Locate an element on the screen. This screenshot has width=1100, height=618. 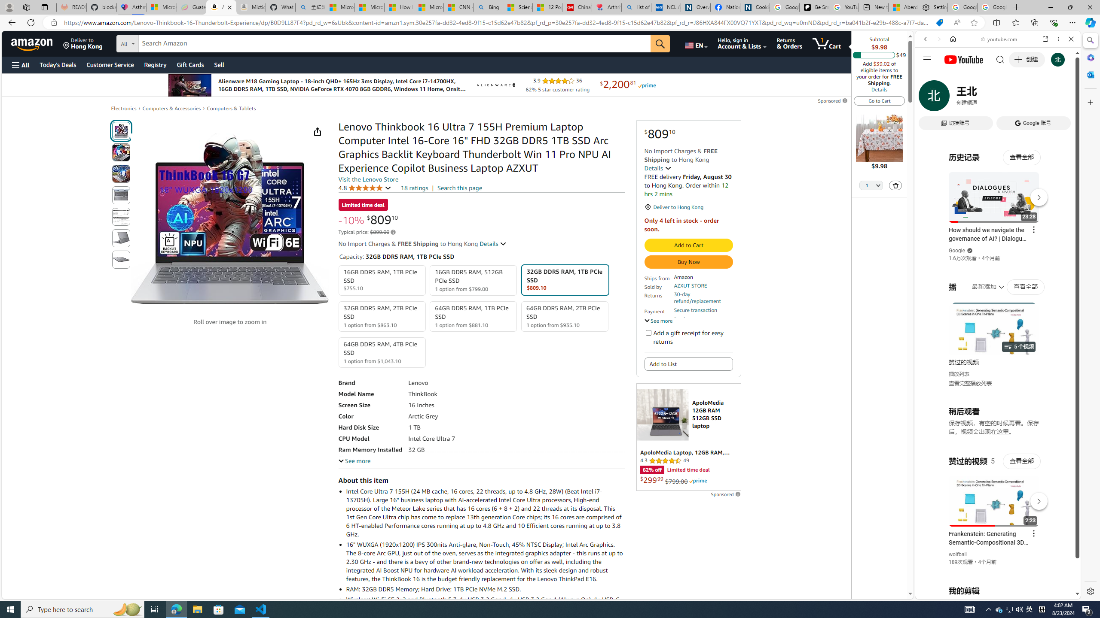
'Search Filter, VIDEOS' is located at coordinates (982, 97).